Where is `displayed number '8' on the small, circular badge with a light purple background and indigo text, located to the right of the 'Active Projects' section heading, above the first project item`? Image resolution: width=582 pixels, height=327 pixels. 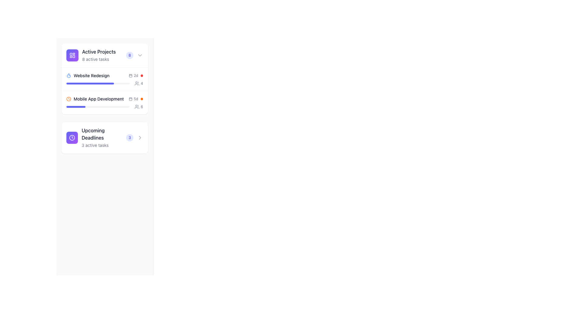 displayed number '8' on the small, circular badge with a light purple background and indigo text, located to the right of the 'Active Projects' section heading, above the first project item is located at coordinates (129, 55).